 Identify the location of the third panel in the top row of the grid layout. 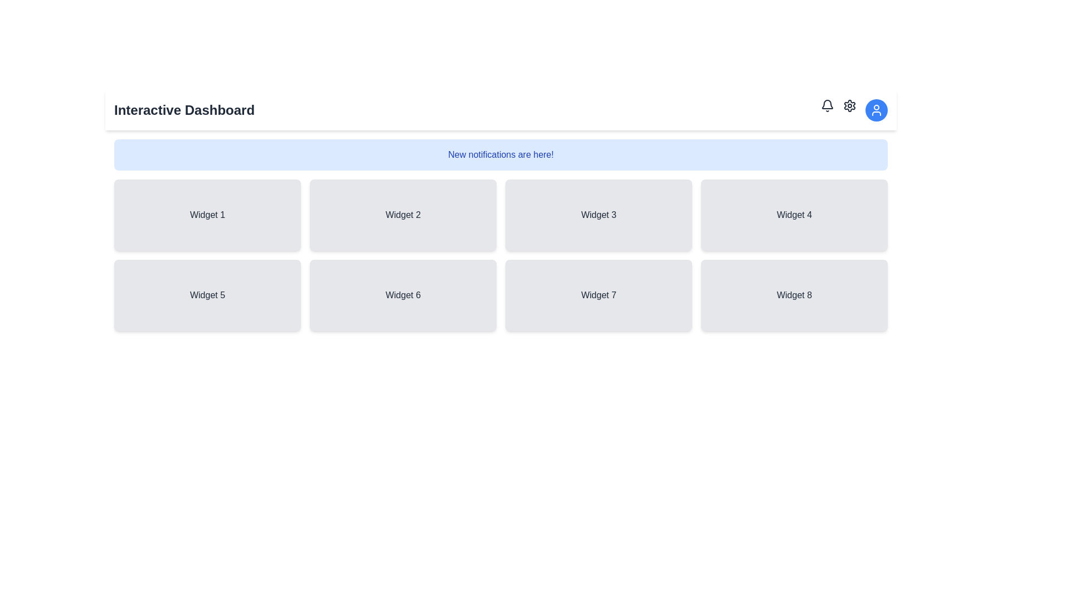
(598, 215).